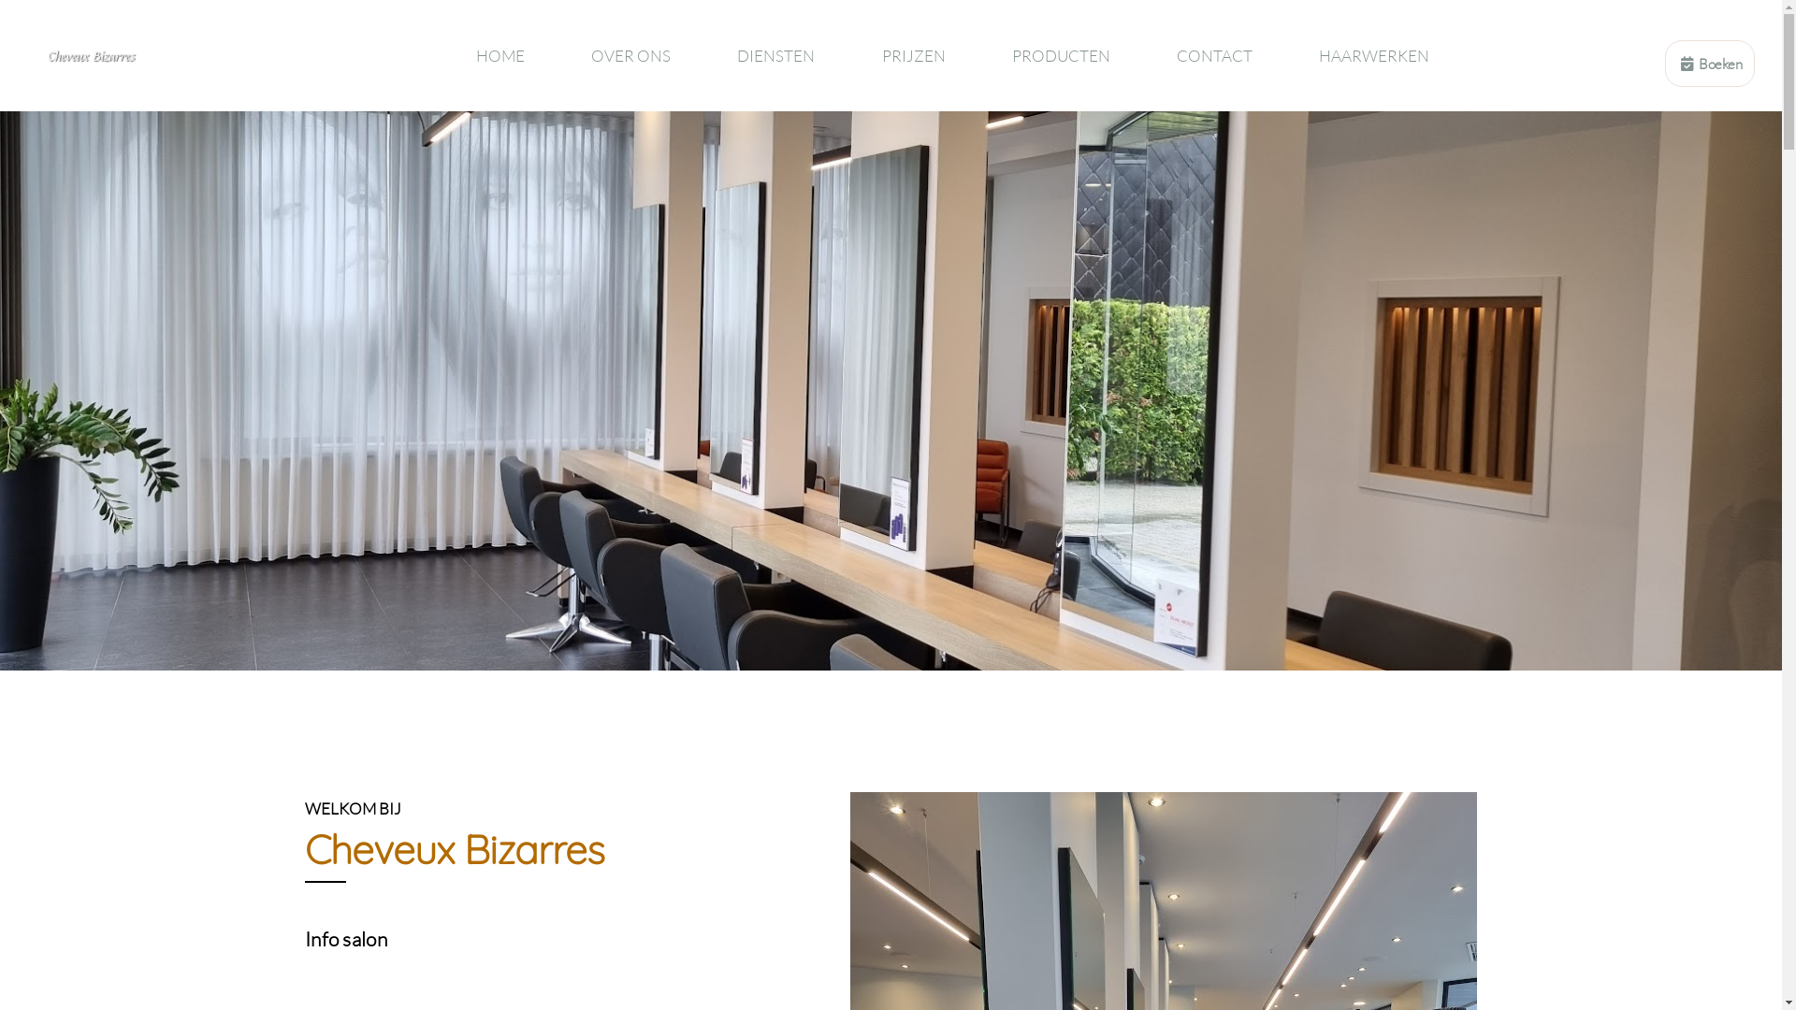 The width and height of the screenshot is (1796, 1010). What do you see at coordinates (631, 54) in the screenshot?
I see `'OVER ONS'` at bounding box center [631, 54].